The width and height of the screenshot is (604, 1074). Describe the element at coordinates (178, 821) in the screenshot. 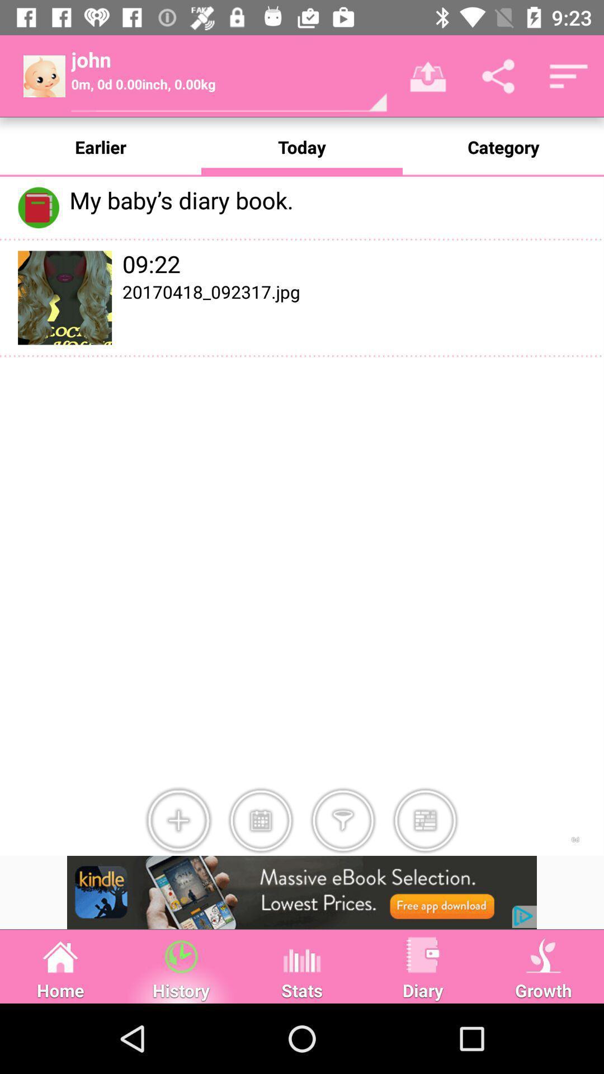

I see `item` at that location.